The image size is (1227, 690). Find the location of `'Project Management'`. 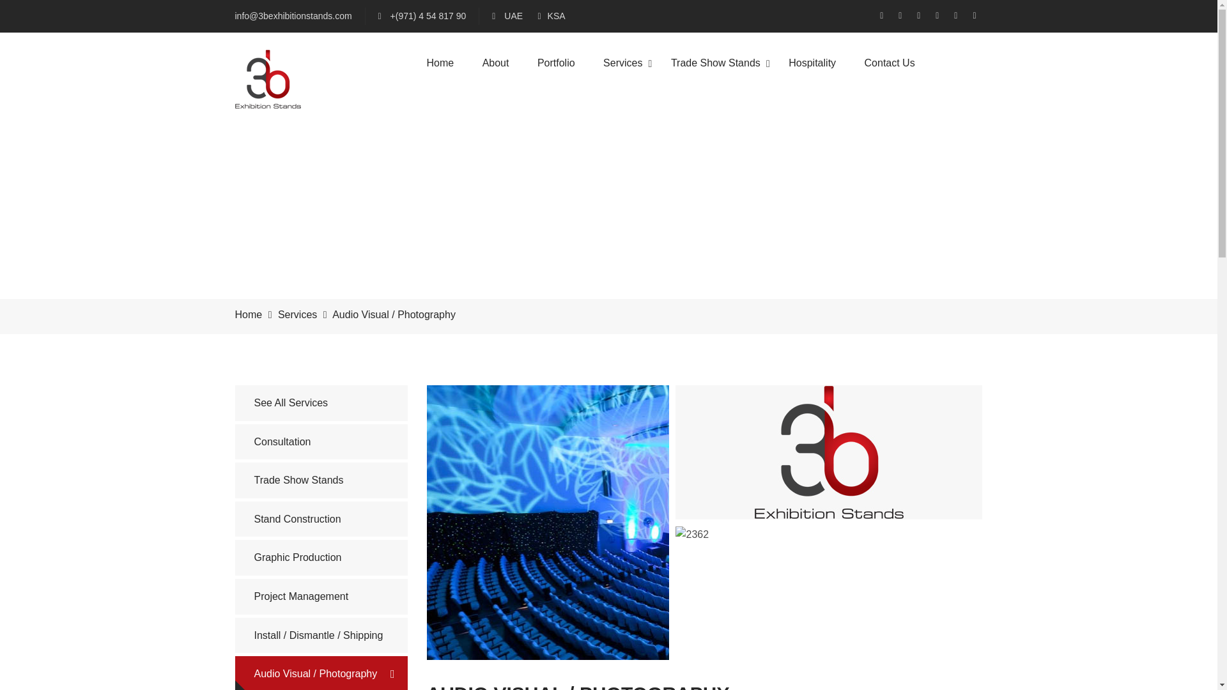

'Project Management' is located at coordinates (321, 596).